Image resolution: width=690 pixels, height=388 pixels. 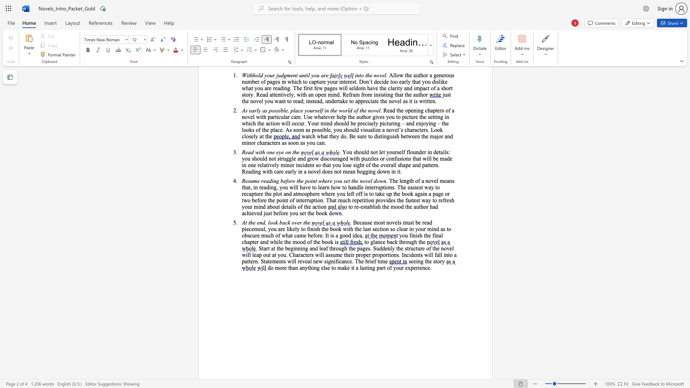 I want to click on the subset text "he" within the text "to glance back through the", so click(x=420, y=242).